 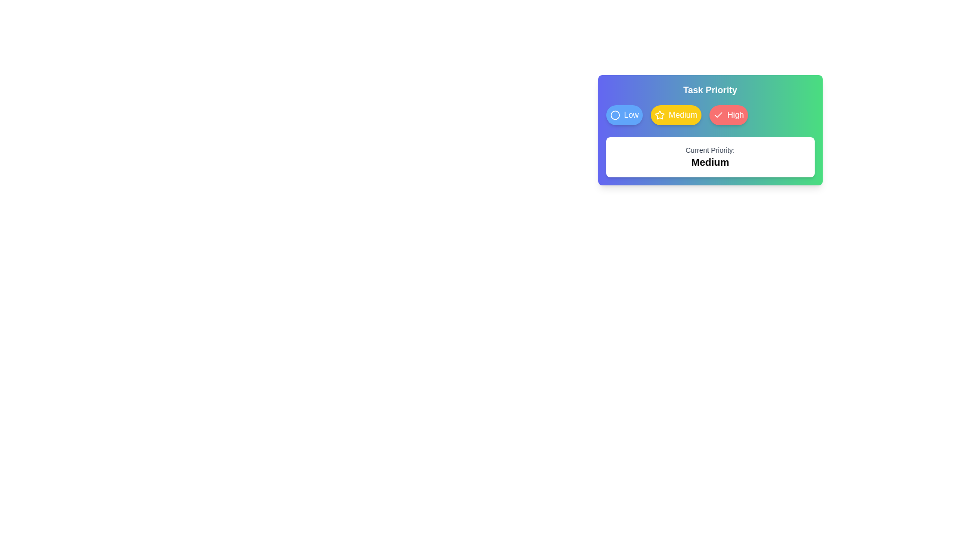 I want to click on the 'Medium' priority button located in the 'Task Priority' panel, so click(x=676, y=115).